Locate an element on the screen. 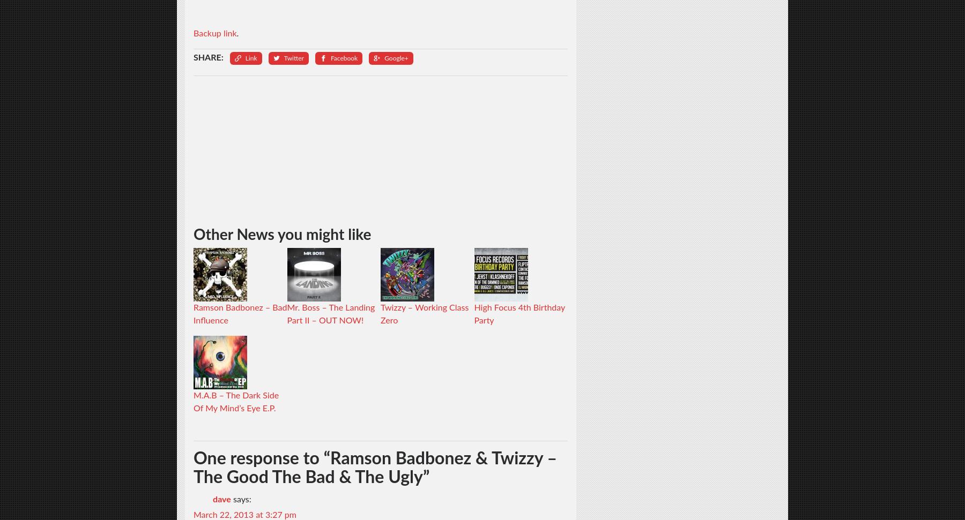 The width and height of the screenshot is (965, 520). 'Backup link' is located at coordinates (194, 33).